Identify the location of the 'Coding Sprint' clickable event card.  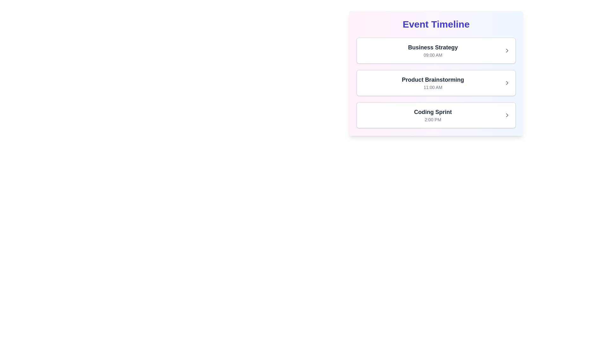
(435, 115).